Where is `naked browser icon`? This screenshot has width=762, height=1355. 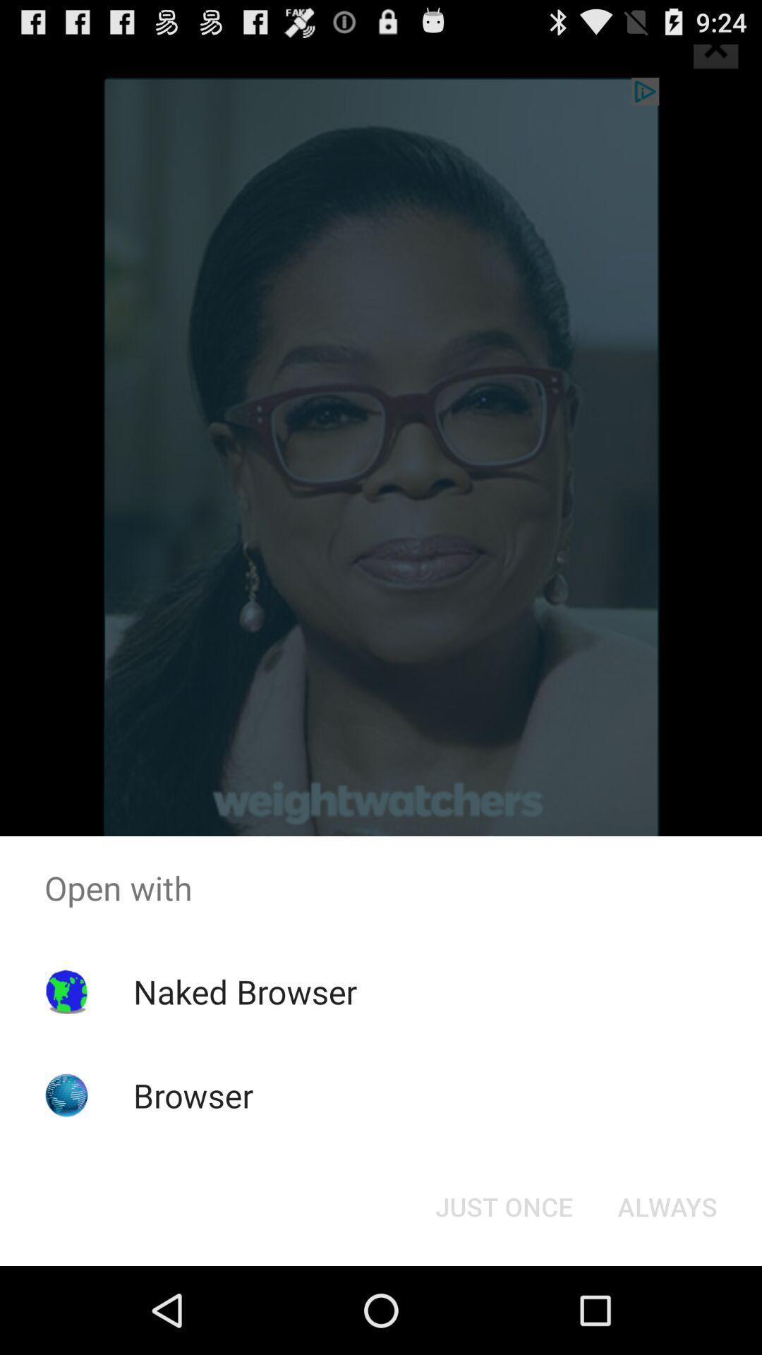
naked browser icon is located at coordinates (244, 991).